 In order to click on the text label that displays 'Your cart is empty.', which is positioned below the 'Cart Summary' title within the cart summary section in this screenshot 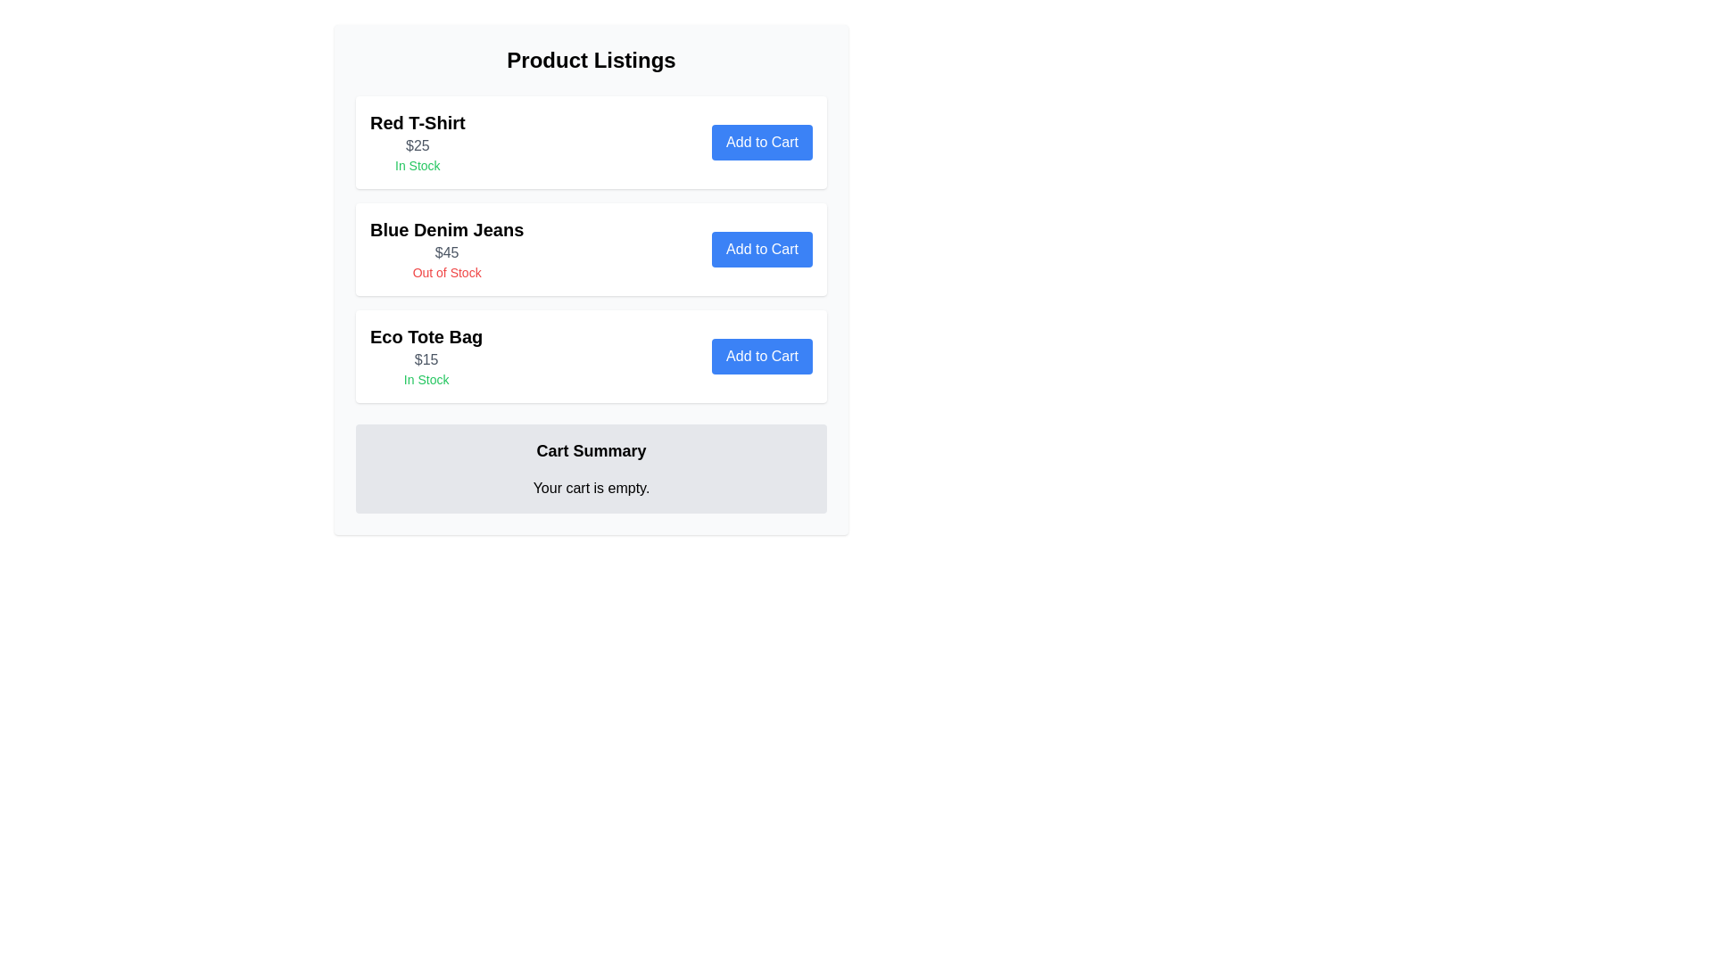, I will do `click(591, 488)`.